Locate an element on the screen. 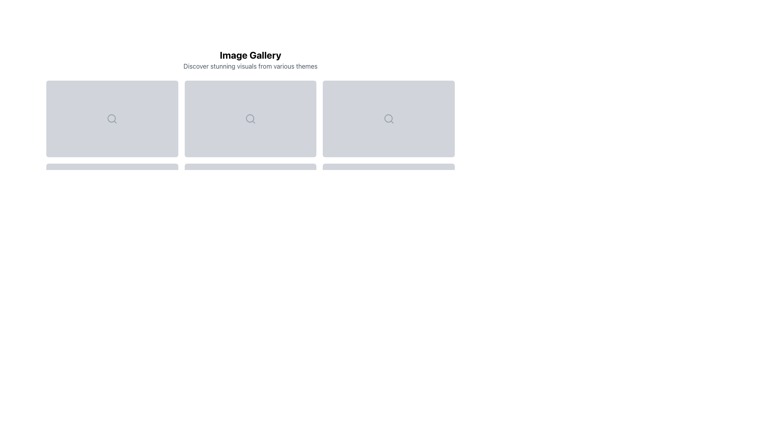  the circular component of the search icon located in the middle panel of the Image Gallery section is located at coordinates (249, 118).